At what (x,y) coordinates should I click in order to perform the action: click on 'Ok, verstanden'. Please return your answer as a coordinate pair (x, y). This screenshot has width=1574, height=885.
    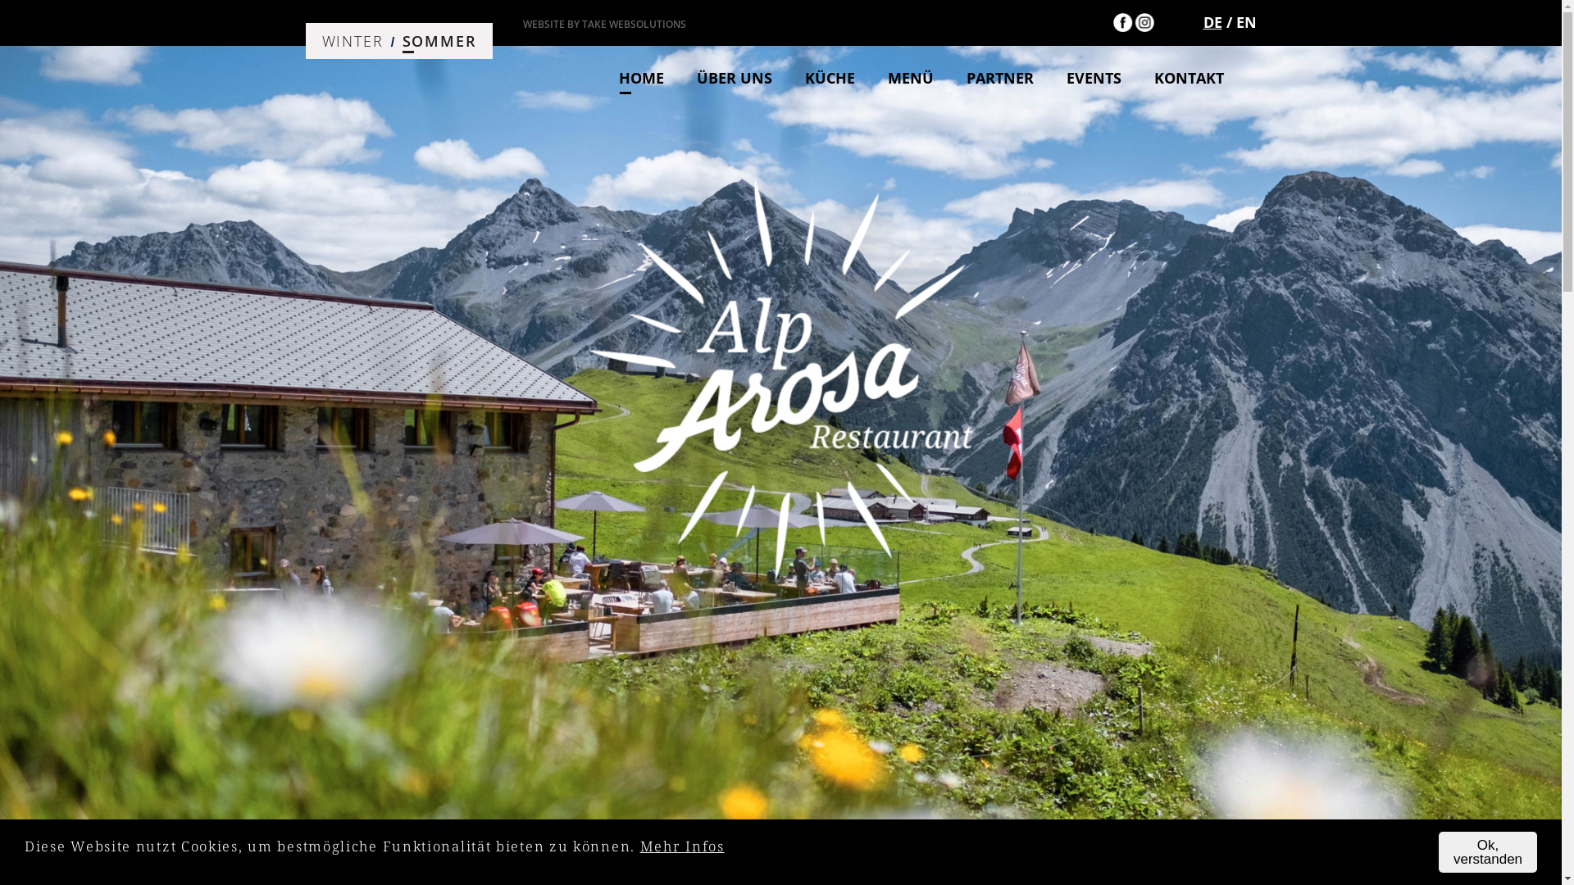
    Looking at the image, I should click on (1487, 851).